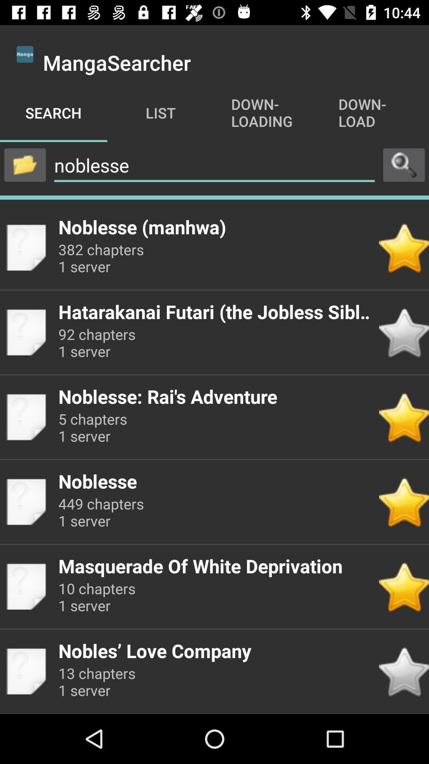  Describe the element at coordinates (404, 164) in the screenshot. I see `use search option` at that location.